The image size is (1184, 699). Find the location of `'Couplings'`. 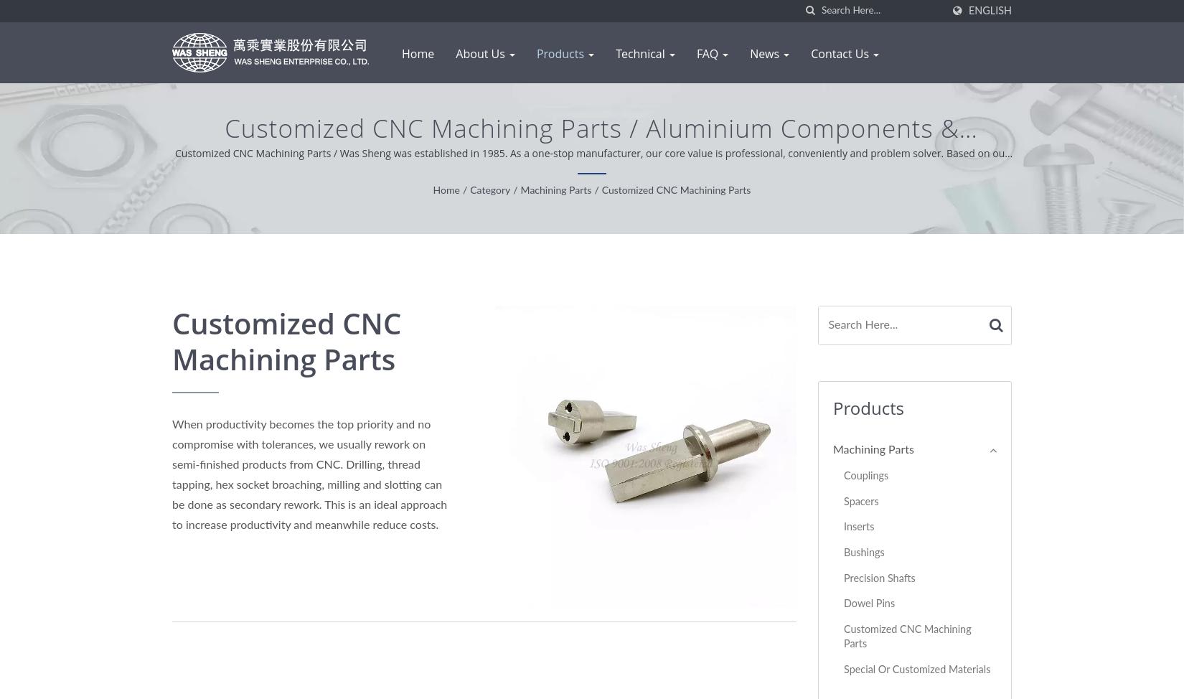

'Couplings' is located at coordinates (865, 476).